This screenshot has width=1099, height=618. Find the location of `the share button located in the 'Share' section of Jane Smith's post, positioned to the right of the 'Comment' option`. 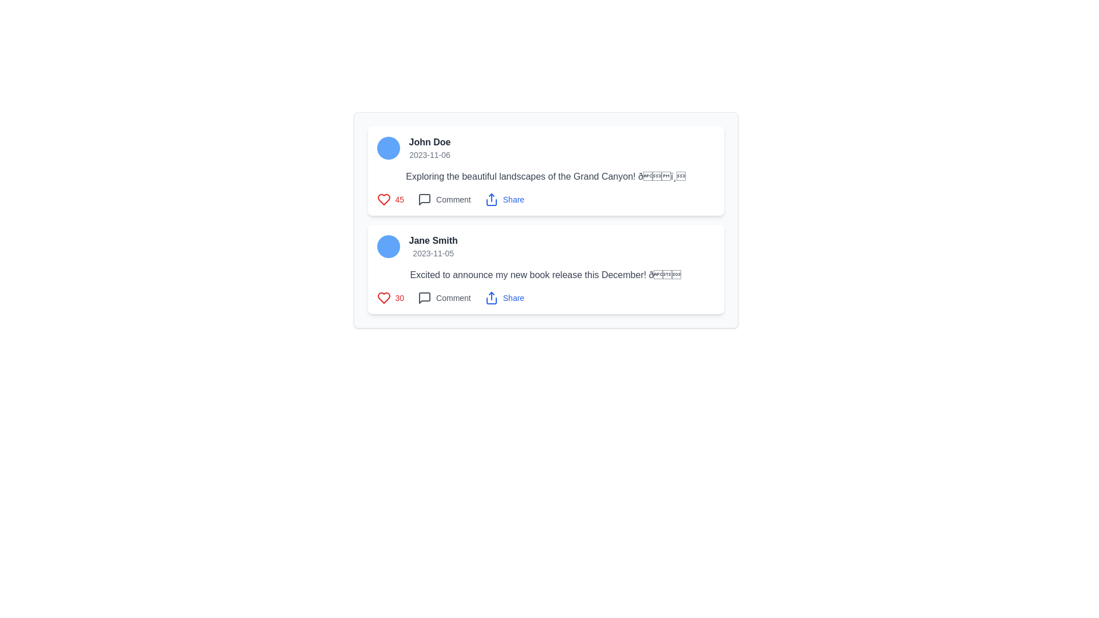

the share button located in the 'Share' section of Jane Smith's post, positioned to the right of the 'Comment' option is located at coordinates (491, 297).